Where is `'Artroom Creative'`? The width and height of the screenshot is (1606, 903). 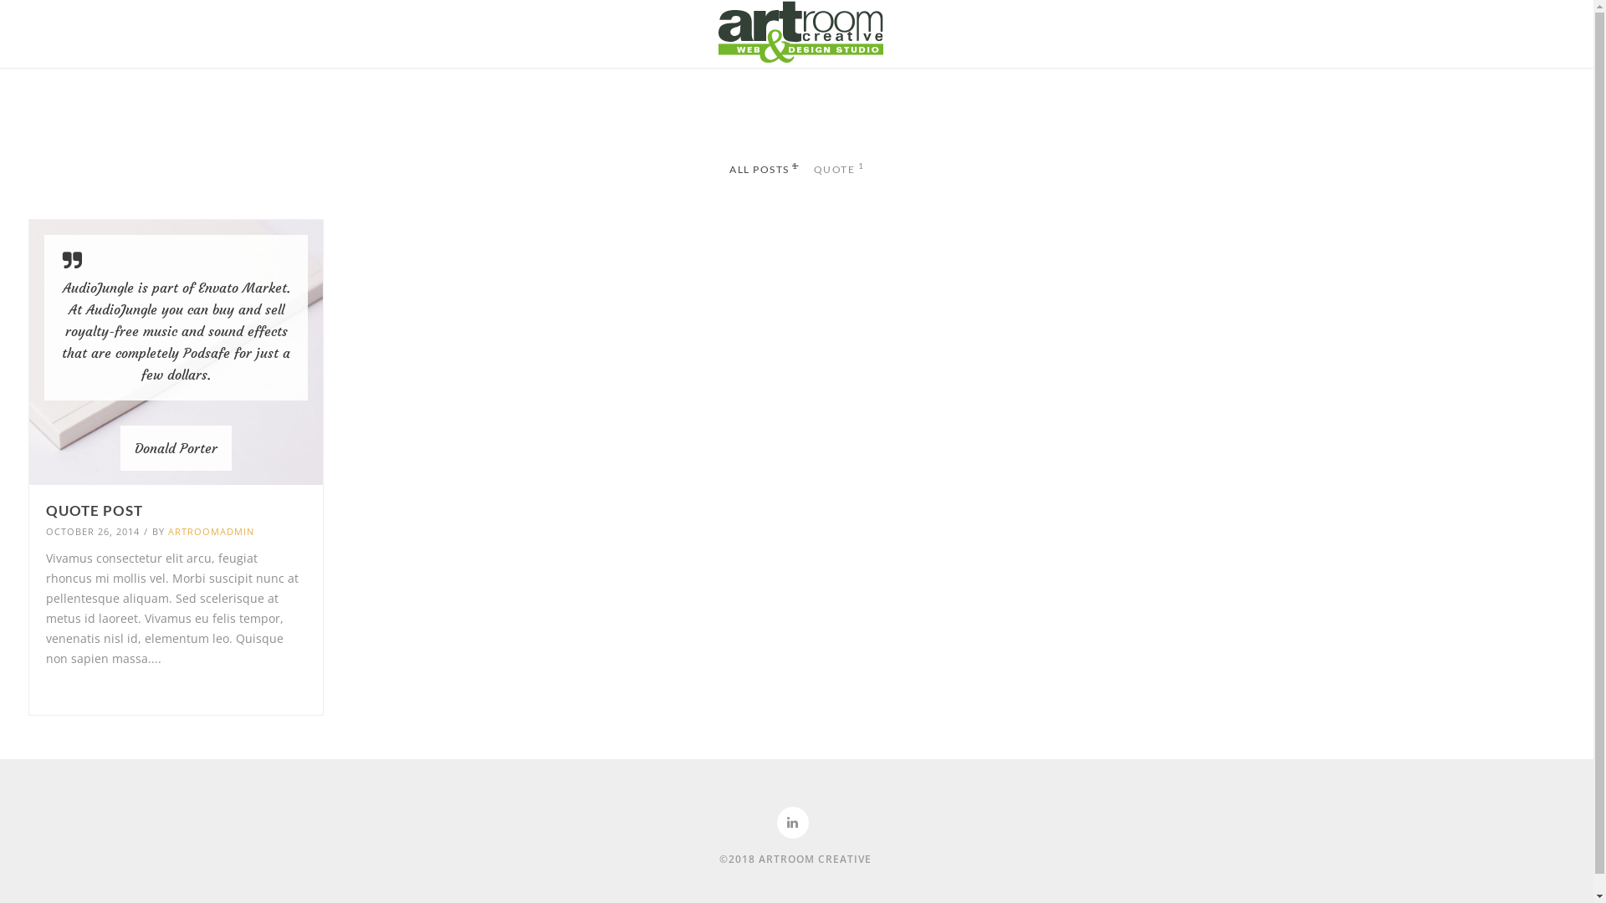 'Artroom Creative' is located at coordinates (798, 31).